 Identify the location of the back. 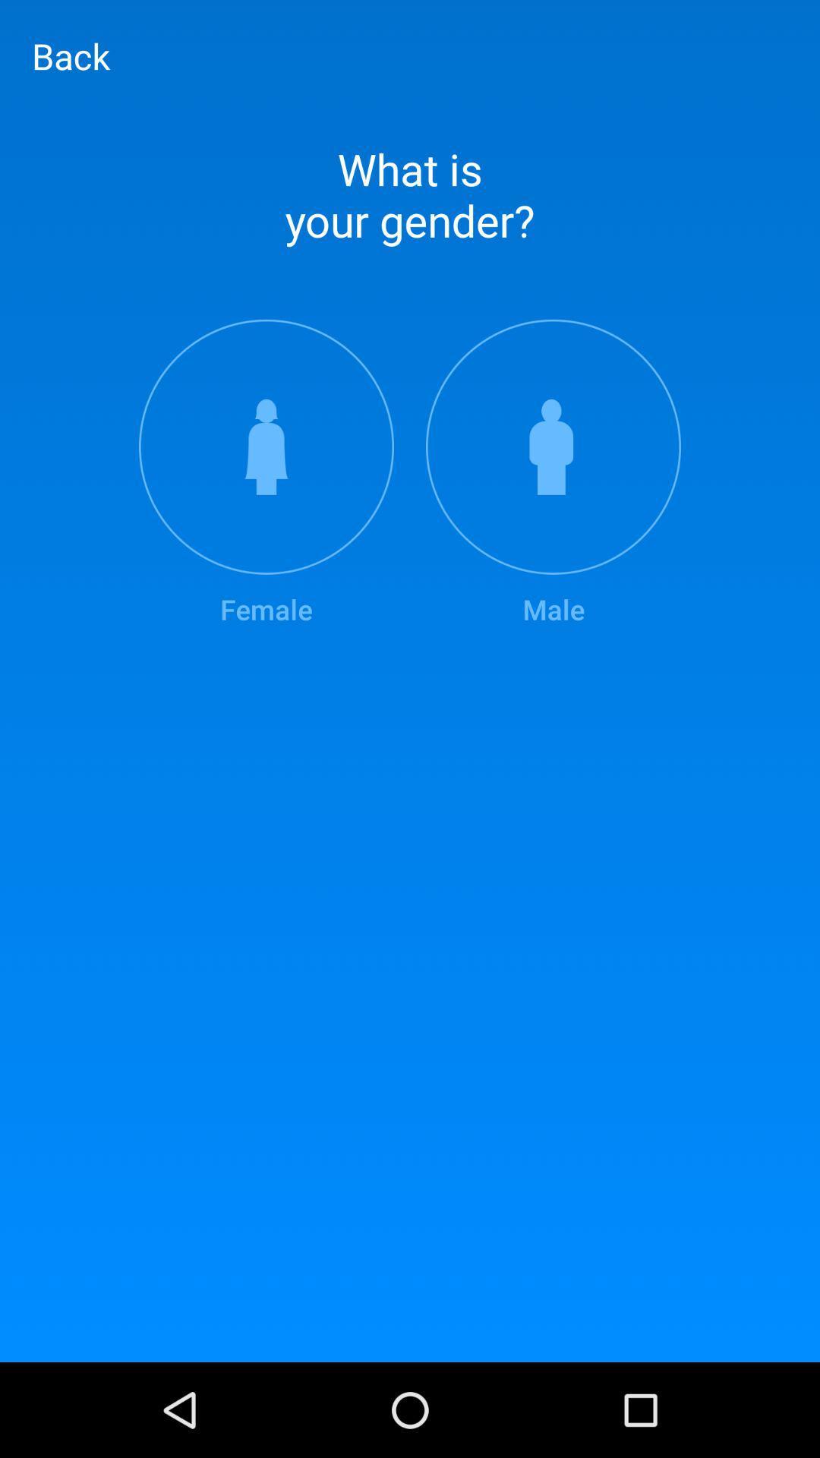
(71, 55).